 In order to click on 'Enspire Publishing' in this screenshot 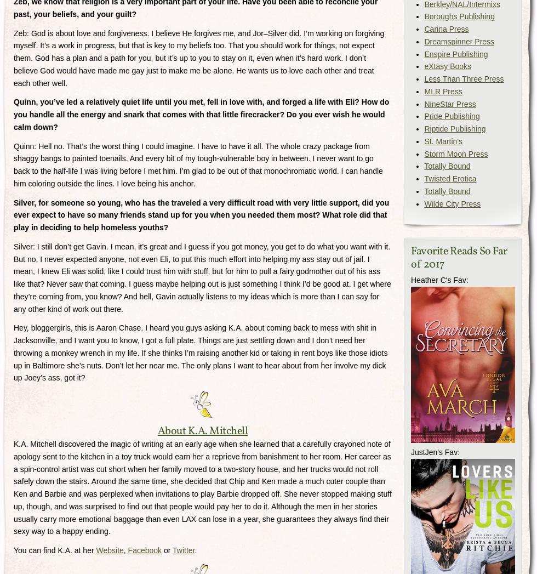, I will do `click(456, 53)`.